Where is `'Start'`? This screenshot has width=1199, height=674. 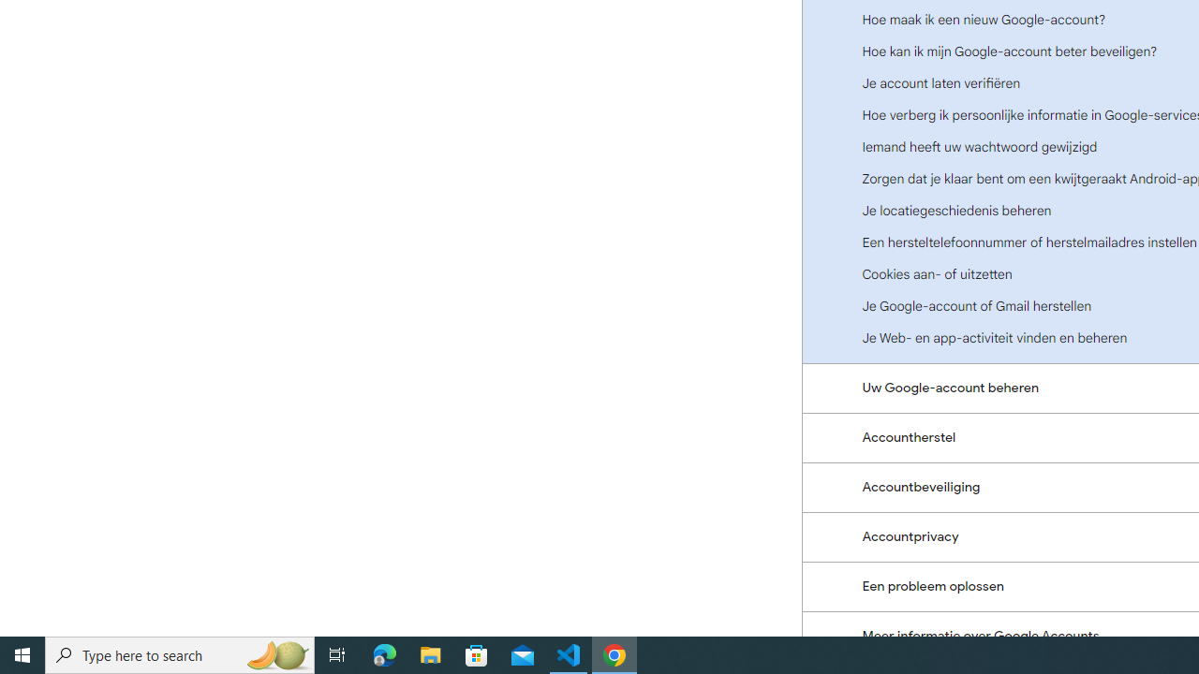 'Start' is located at coordinates (22, 653).